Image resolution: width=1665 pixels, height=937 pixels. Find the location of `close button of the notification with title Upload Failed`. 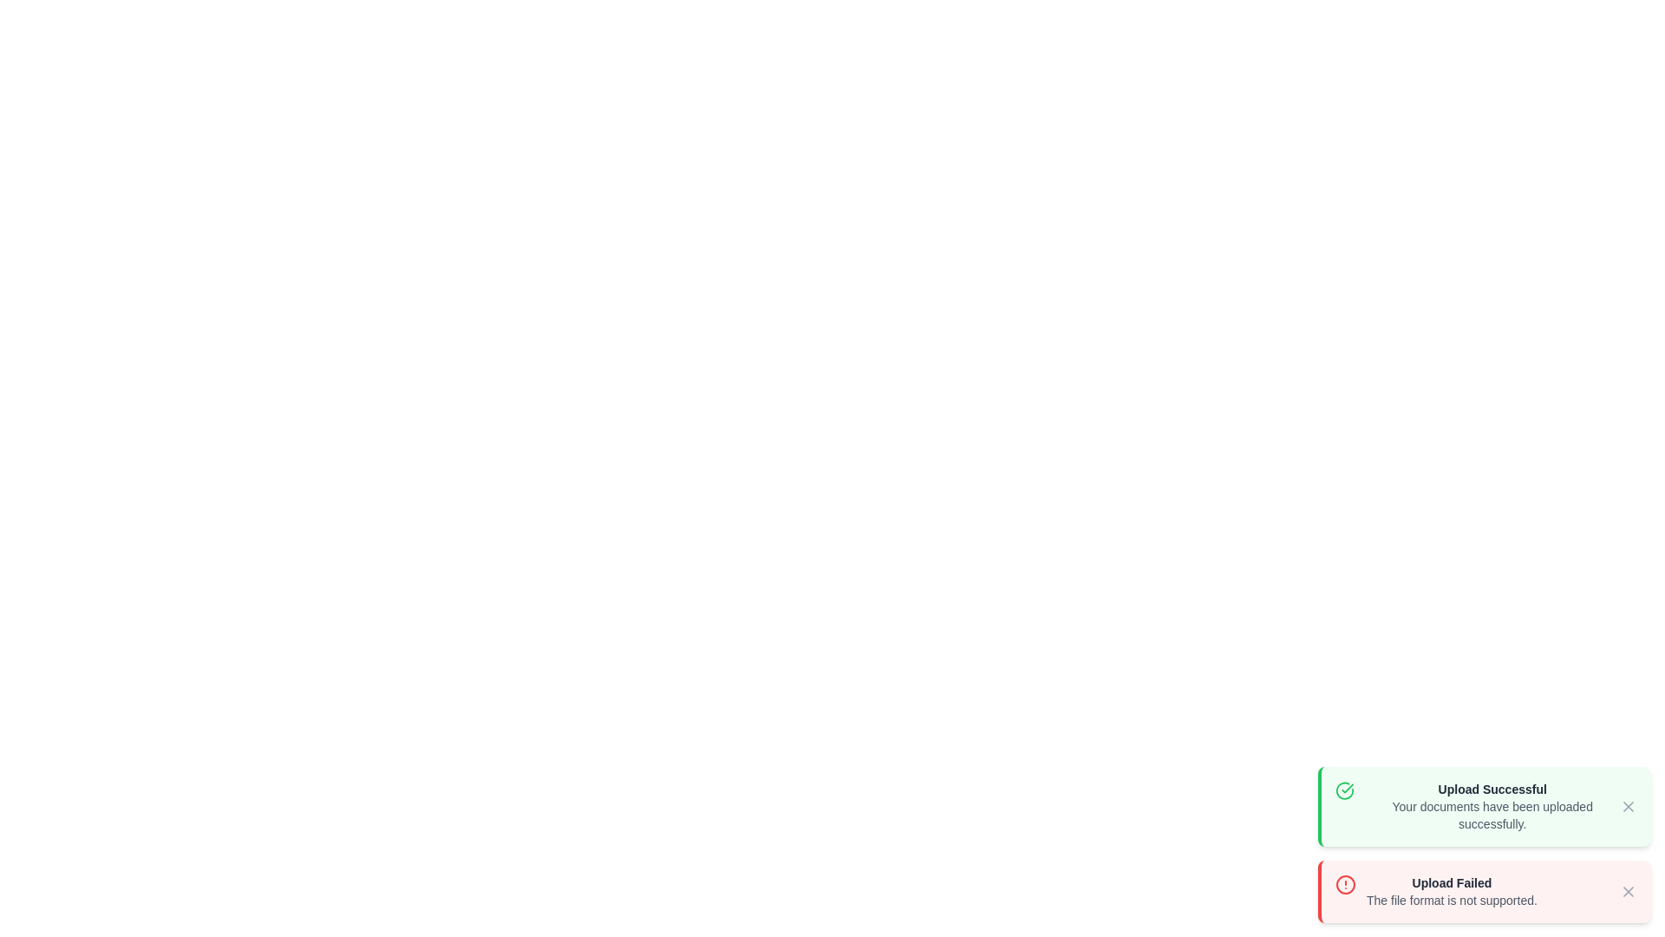

close button of the notification with title Upload Failed is located at coordinates (1627, 892).